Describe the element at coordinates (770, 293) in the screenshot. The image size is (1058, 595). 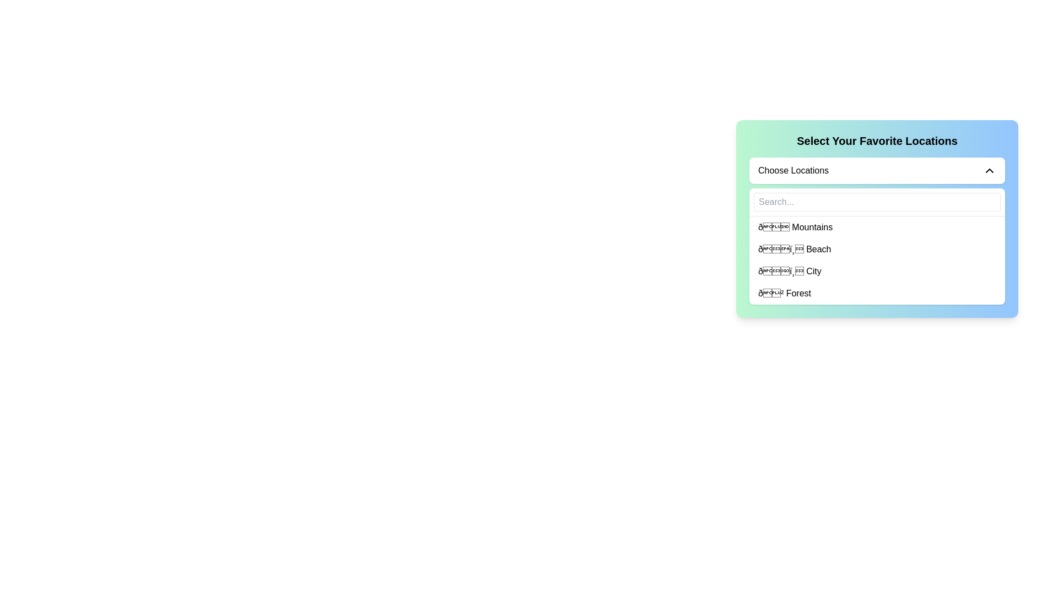
I see `the globe emoji icon located on the left side of the text 'Forest', which is part of the fourth item in the selection list` at that location.